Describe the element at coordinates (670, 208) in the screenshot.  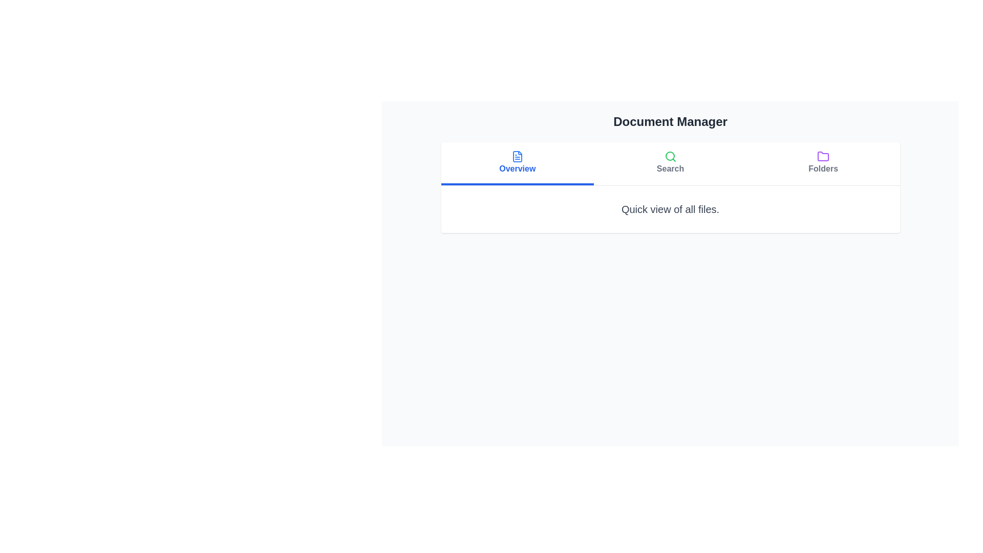
I see `the static text component displaying 'Quick view of all files.' which is centrally aligned beneath navigation options` at that location.